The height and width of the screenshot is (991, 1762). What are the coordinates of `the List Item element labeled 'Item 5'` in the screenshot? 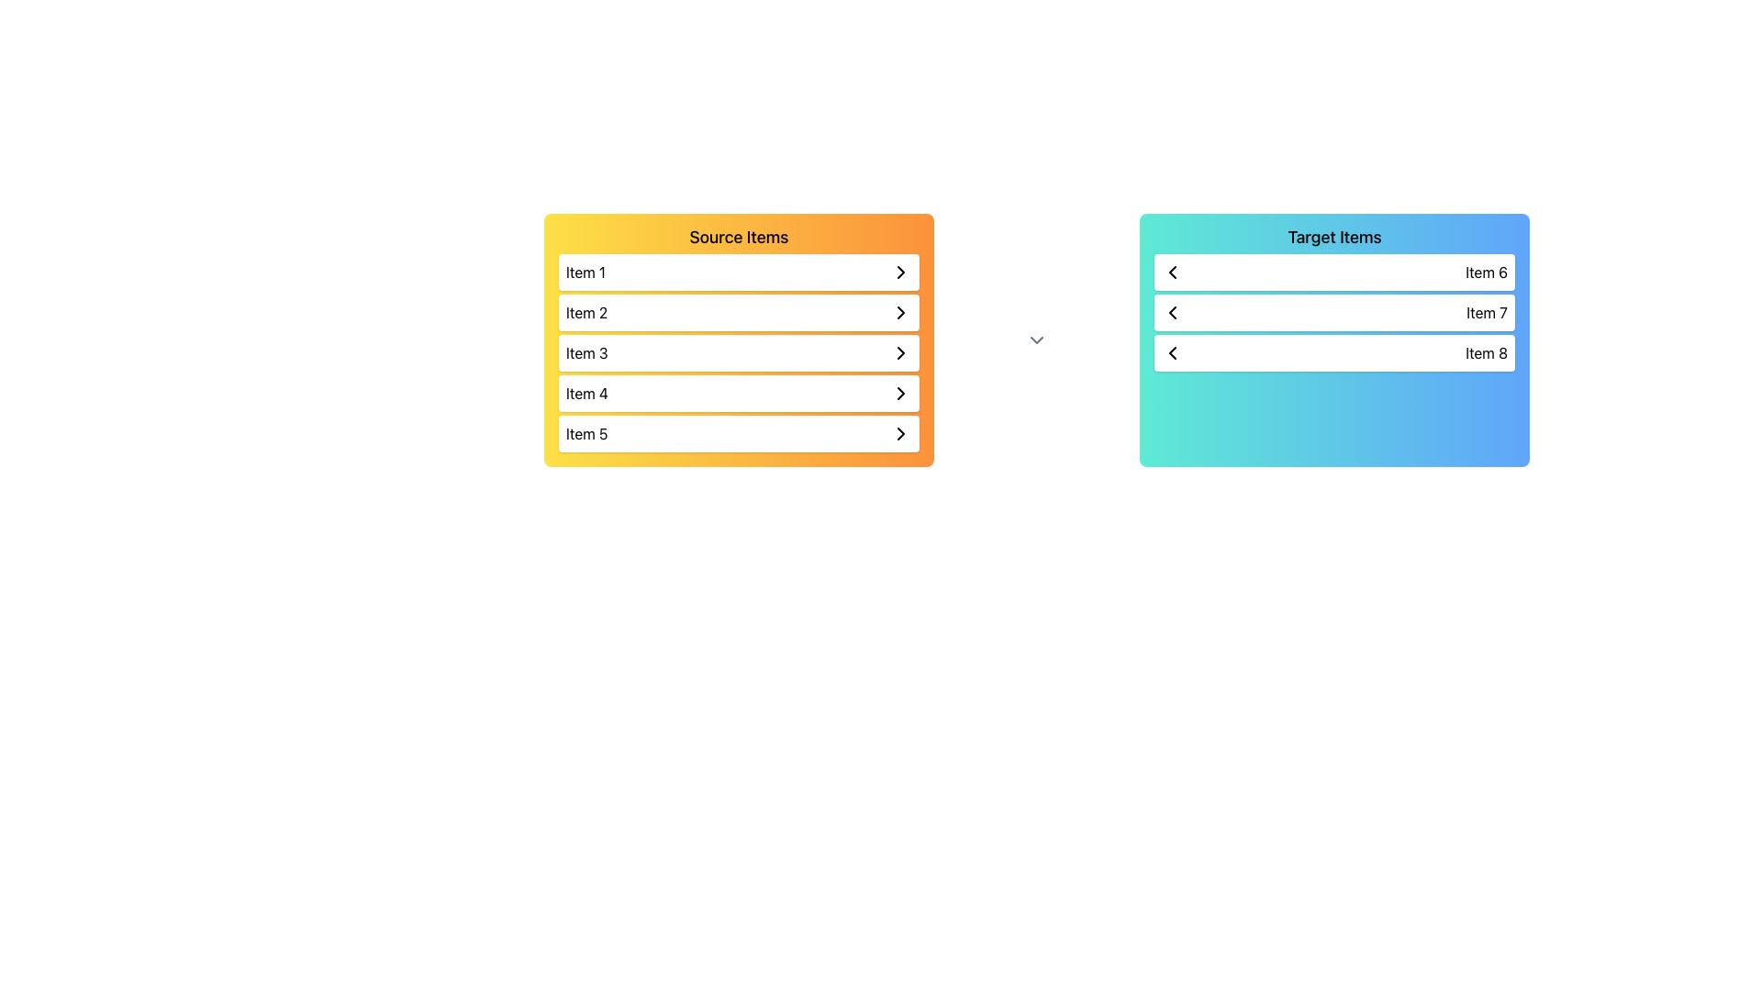 It's located at (739, 434).